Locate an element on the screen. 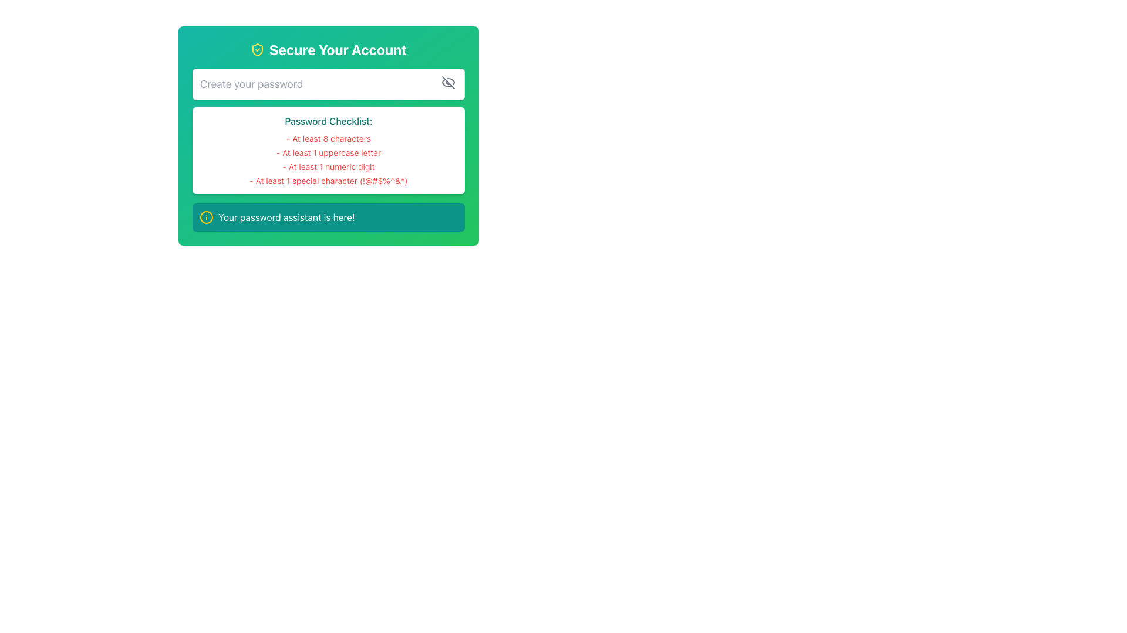 This screenshot has width=1127, height=633. the text 'Secure Your Account' with an accompanying shield icon, which is displayed in bold, large white font on a green gradient background is located at coordinates (329, 49).